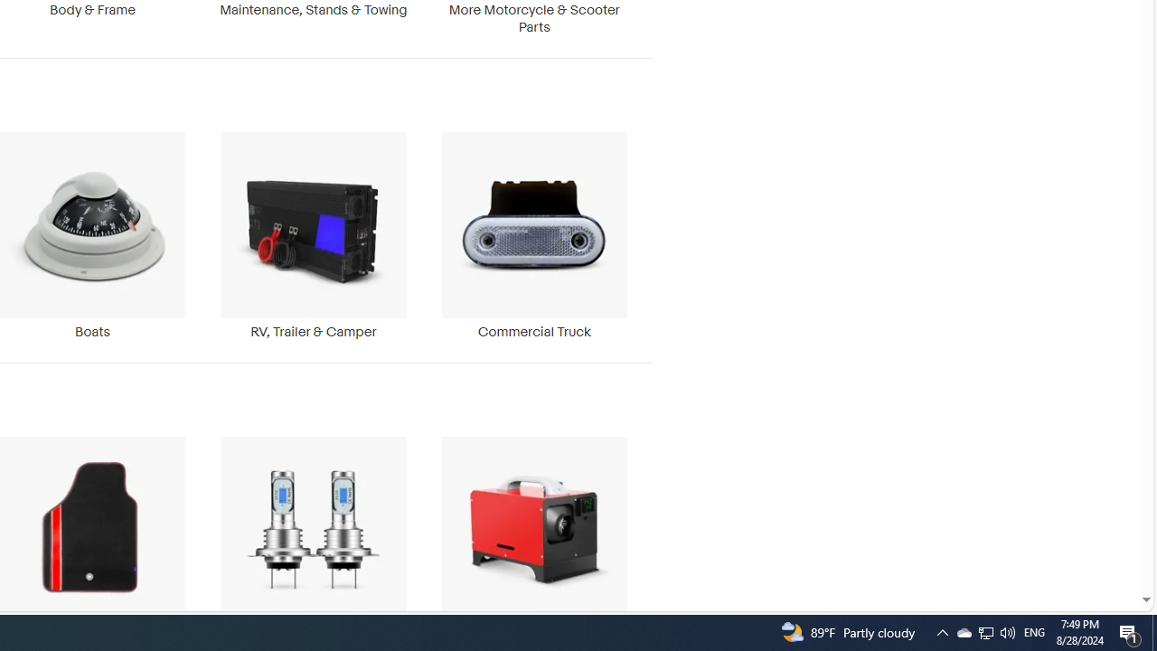 This screenshot has width=1157, height=651. I want to click on 'Commercial Truck', so click(533, 235).